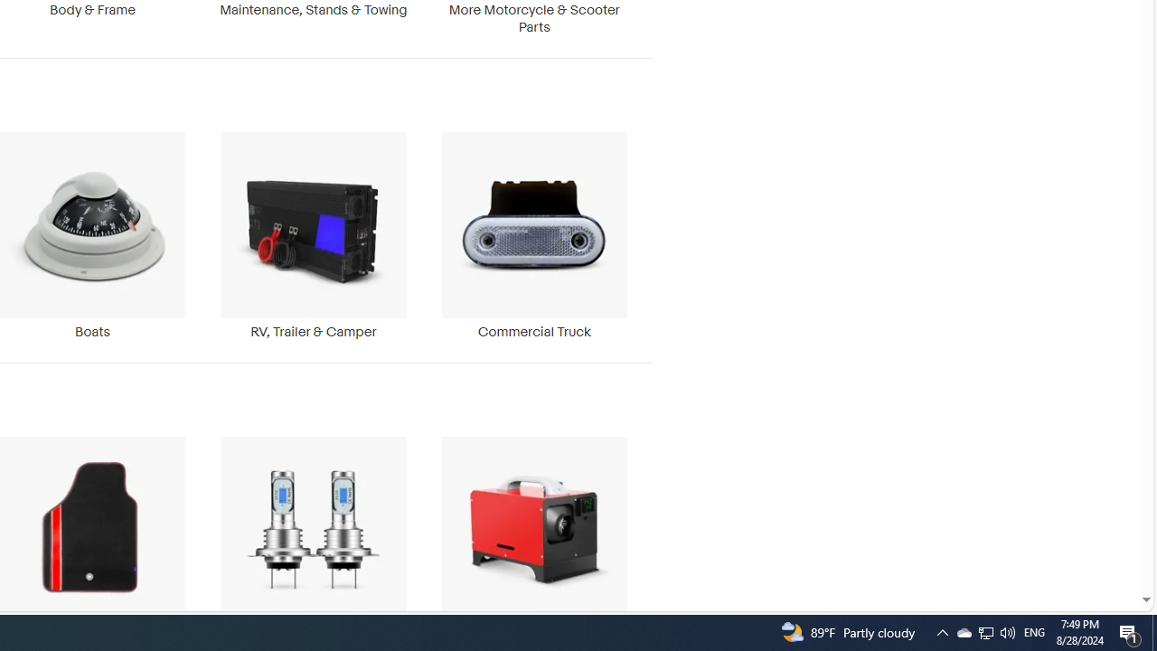 This screenshot has width=1157, height=651. I want to click on 'Commercial Truck', so click(533, 235).